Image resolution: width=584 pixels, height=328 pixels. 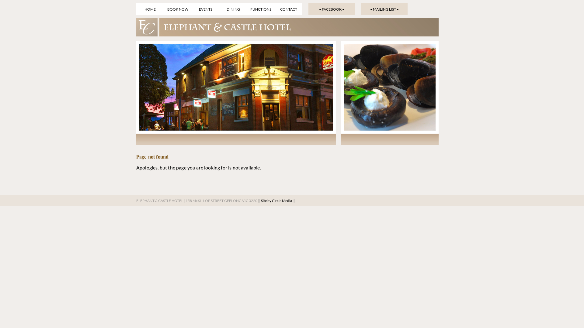 I want to click on 'BOOK NOW', so click(x=177, y=9).